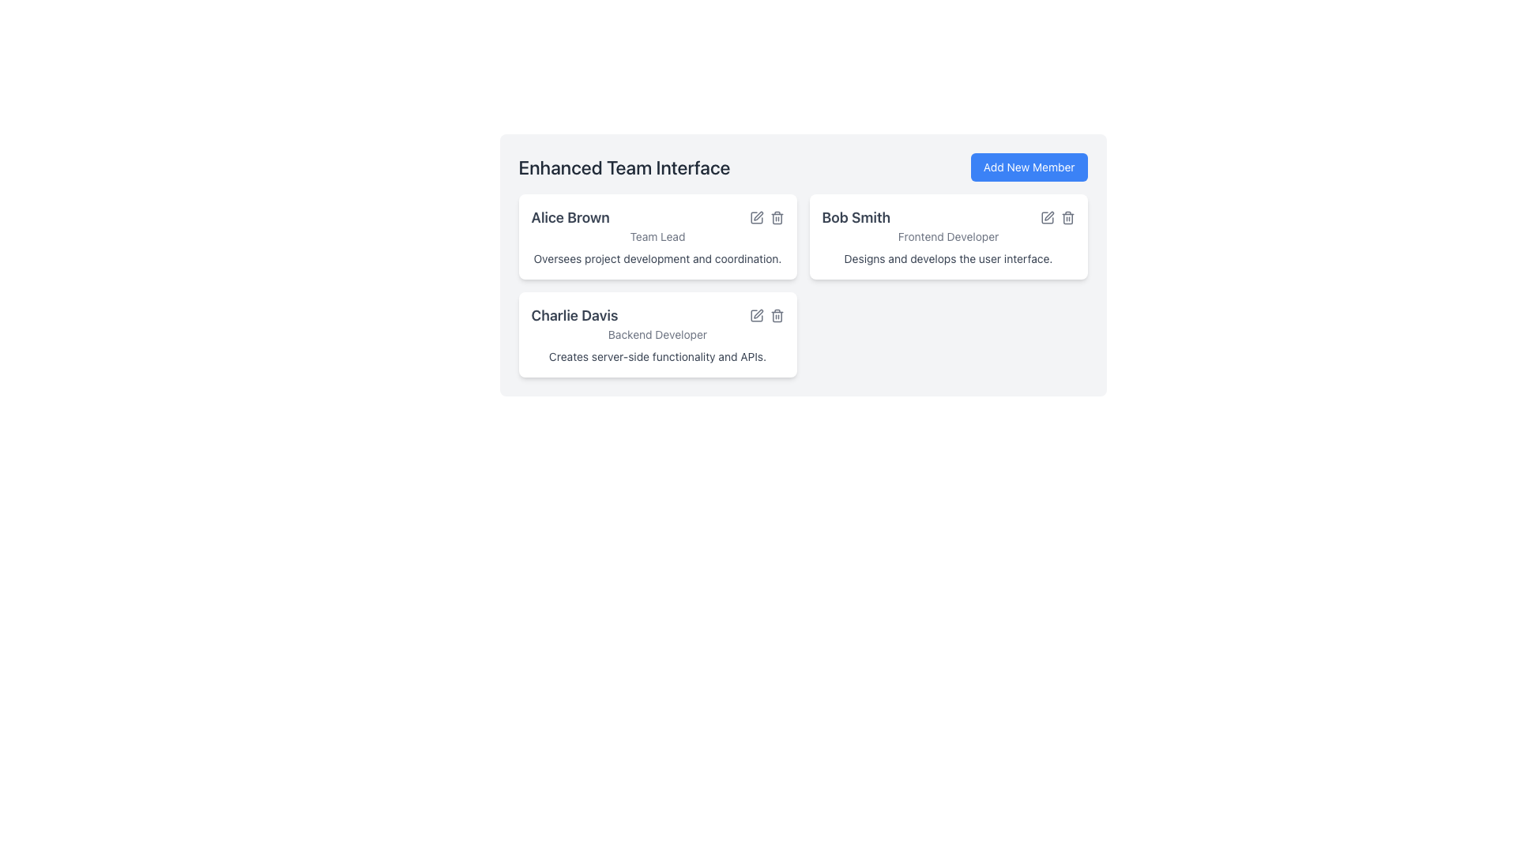  What do you see at coordinates (948, 237) in the screenshot?
I see `the Card component displaying information about Bob Smith, which includes his name, job title, and description, located in the upper-right of the grid layout` at bounding box center [948, 237].